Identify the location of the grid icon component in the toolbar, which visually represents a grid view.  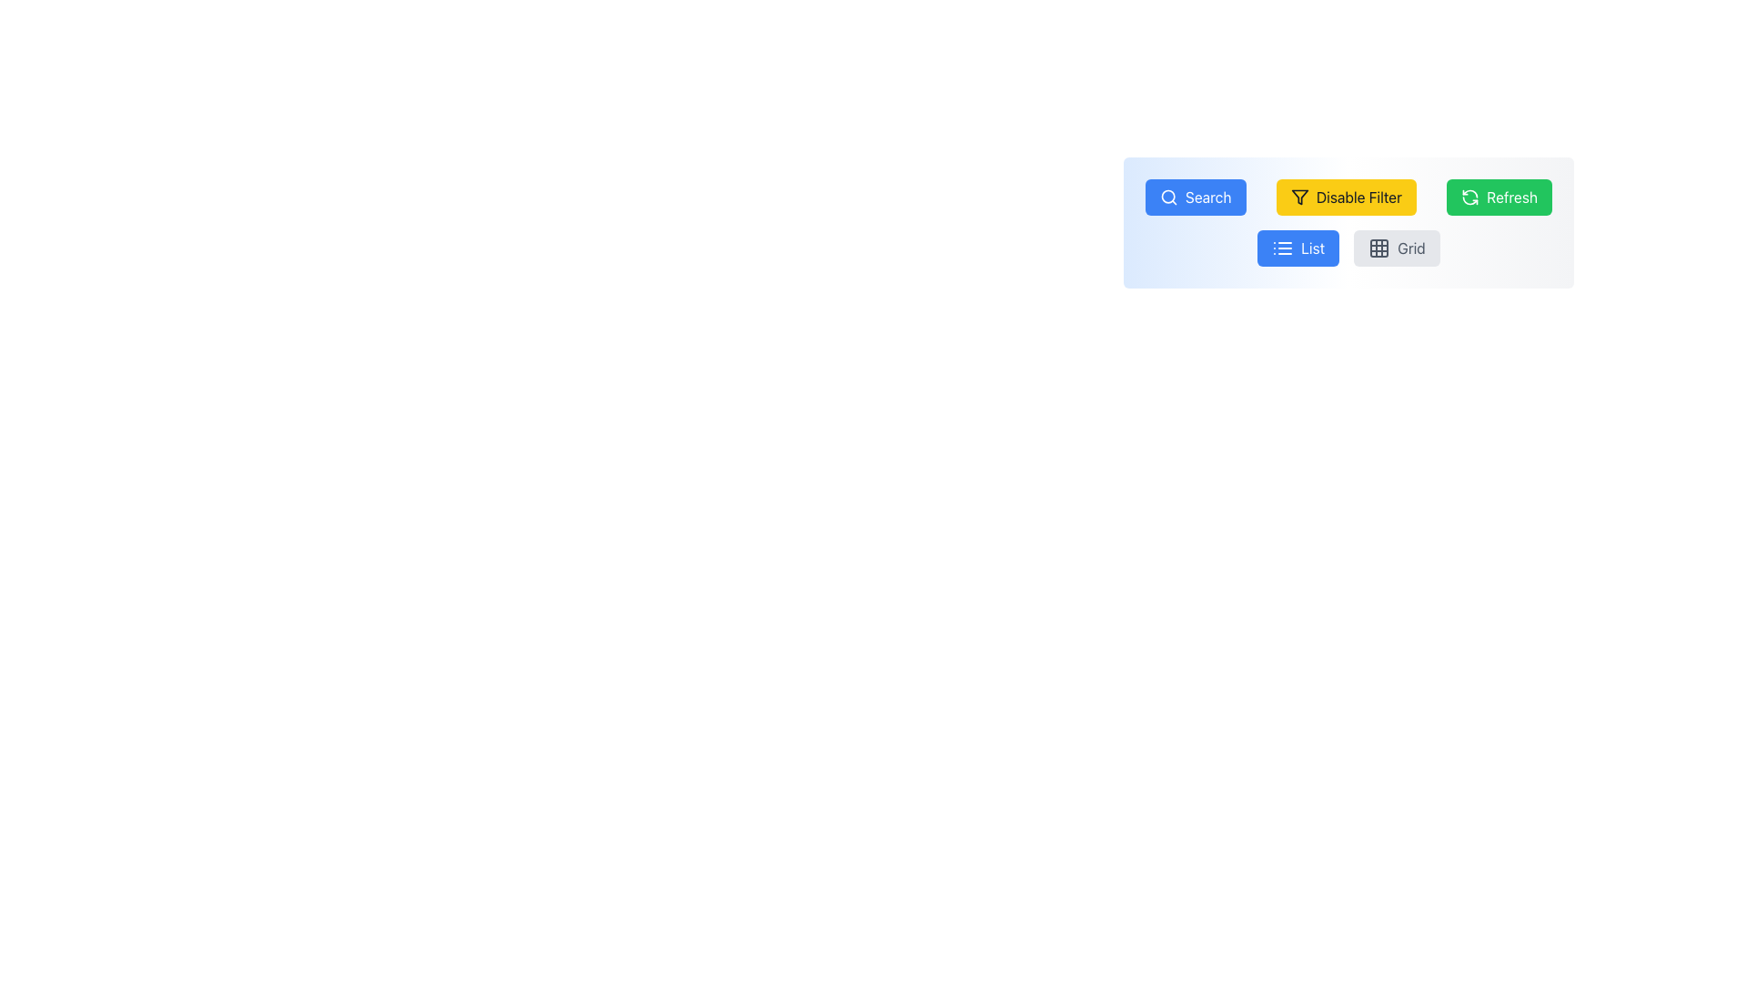
(1379, 248).